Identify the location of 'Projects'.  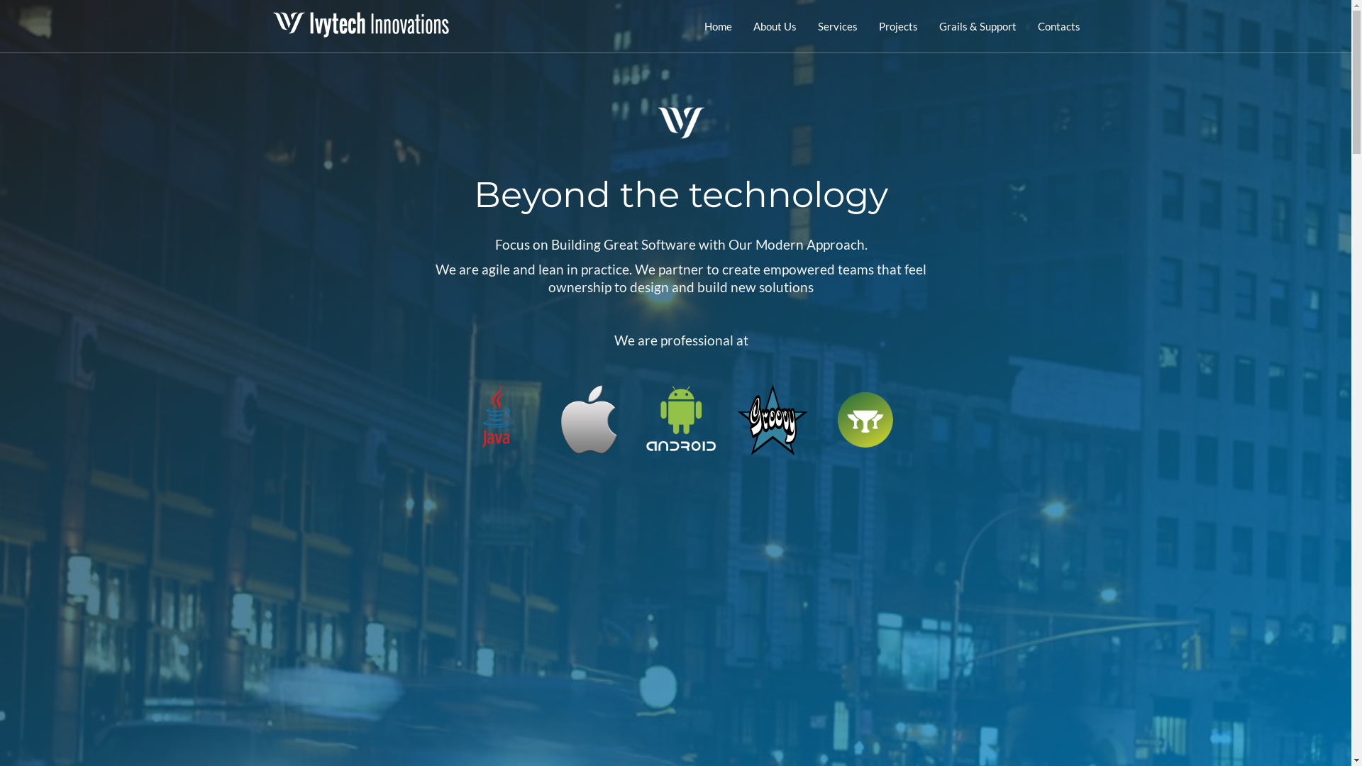
(897, 26).